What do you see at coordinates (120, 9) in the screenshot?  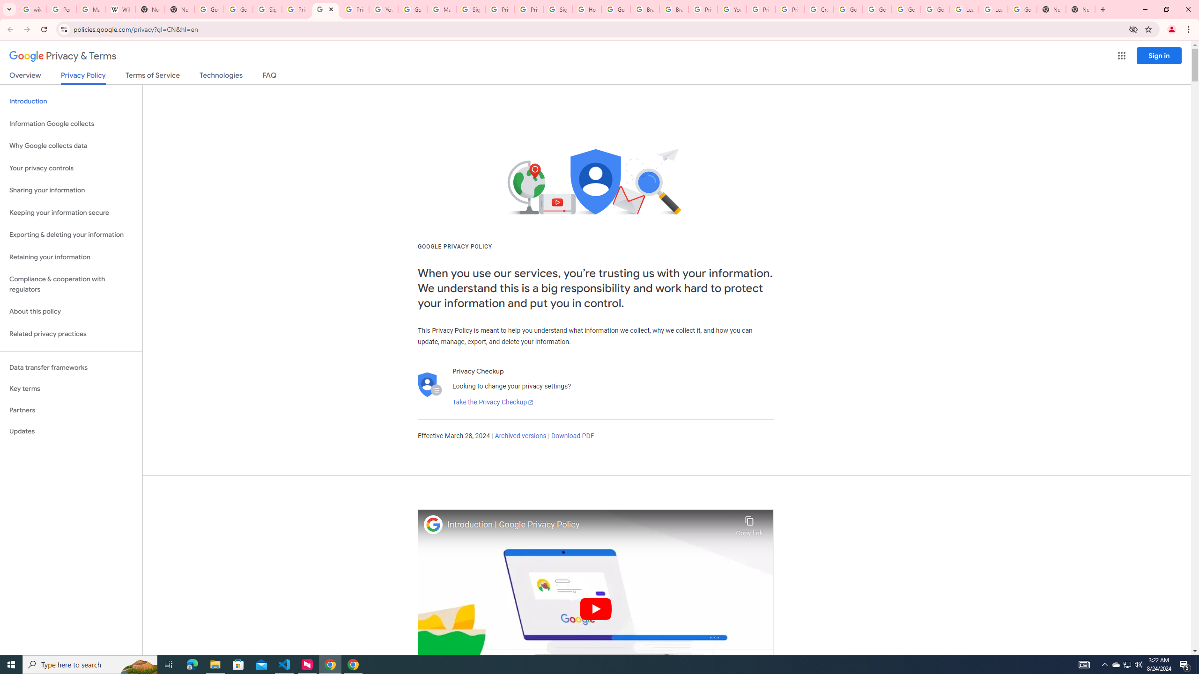 I see `'Wikipedia:Edit requests - Wikipedia'` at bounding box center [120, 9].